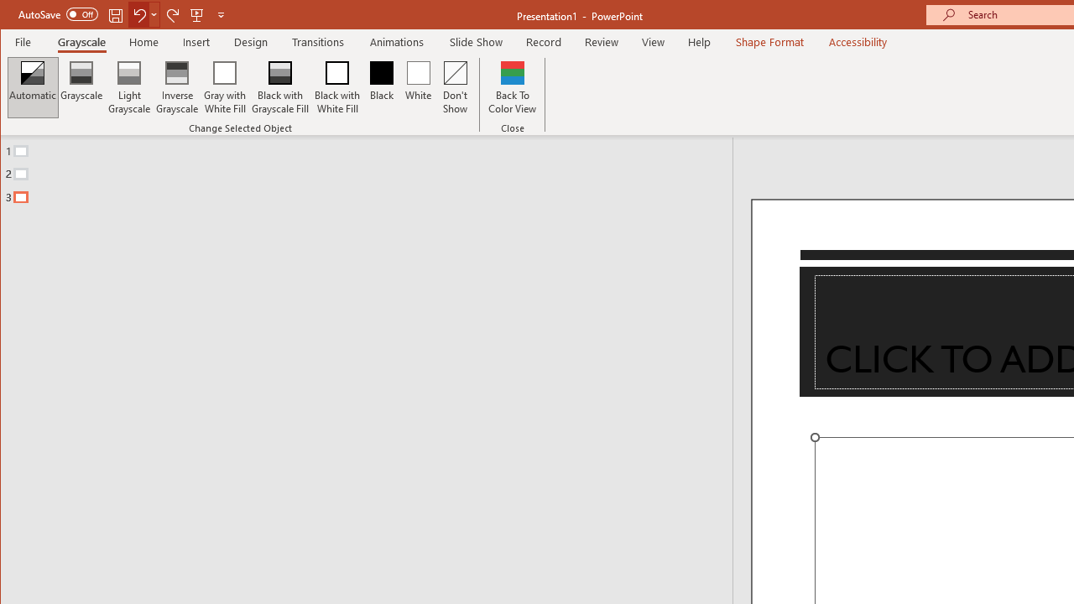  Describe the element at coordinates (280, 87) in the screenshot. I see `'Black with Grayscale Fill'` at that location.